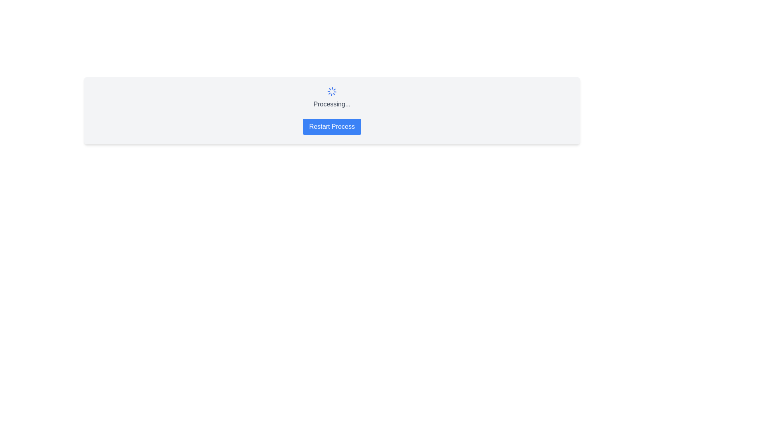 The height and width of the screenshot is (432, 769). Describe the element at coordinates (332, 104) in the screenshot. I see `the Static Text Label that indicates the ongoing status of a process, located below the spinner animation and above the 'Restart Process' button` at that location.